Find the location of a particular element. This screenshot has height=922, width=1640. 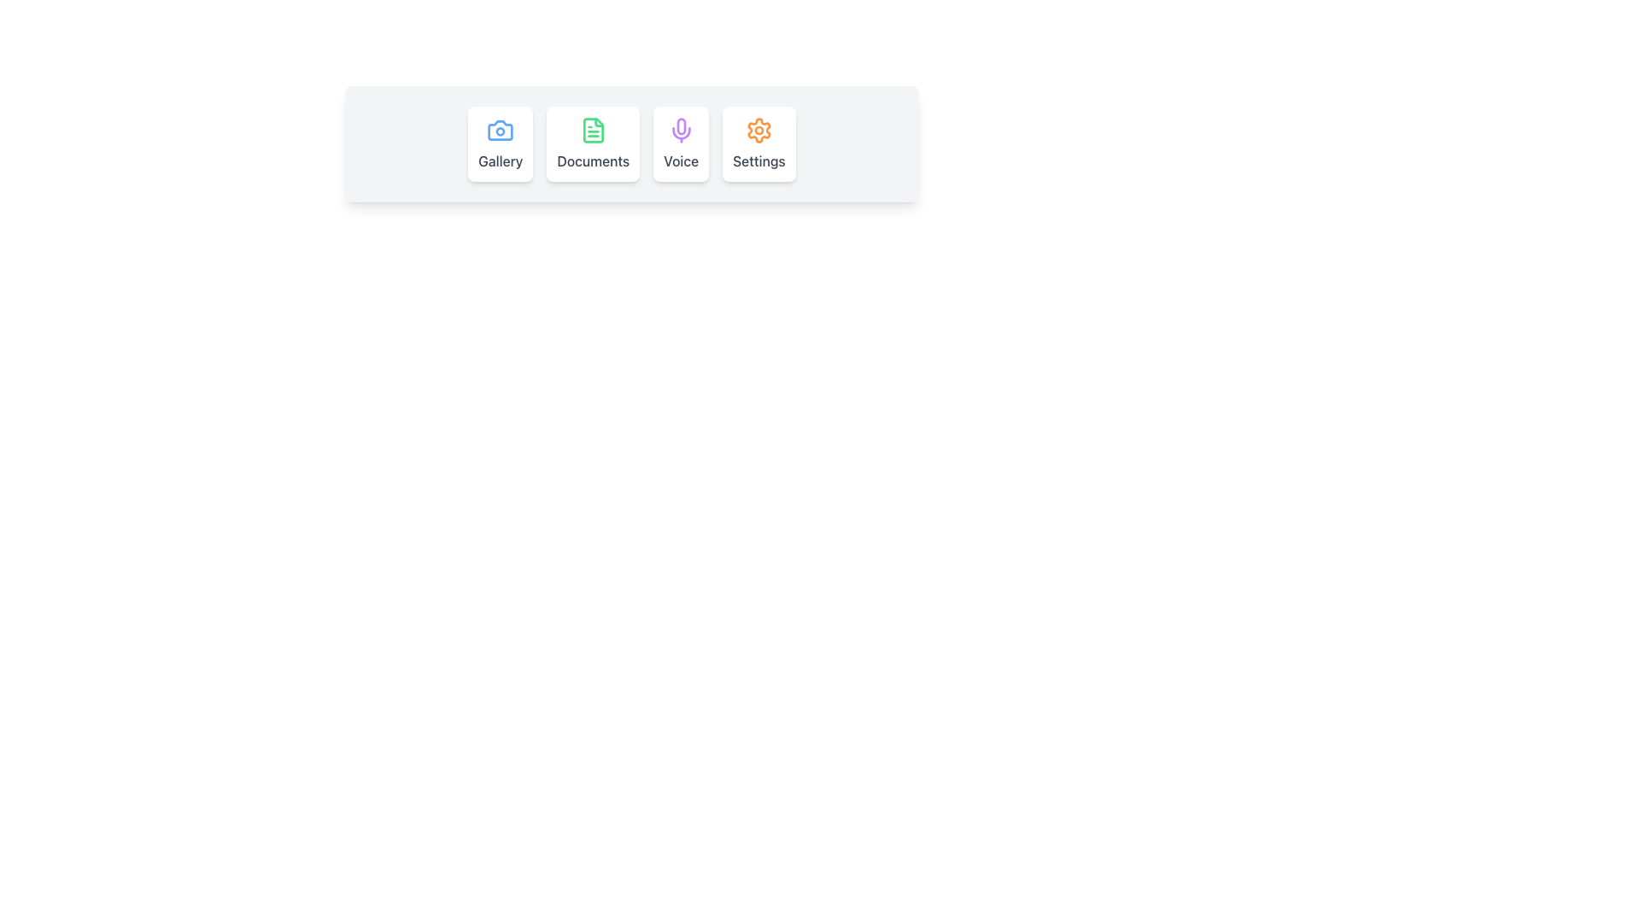

the primary audio or voice icon located in the third card of a horizontally-arranged set of four options is located at coordinates (680, 130).